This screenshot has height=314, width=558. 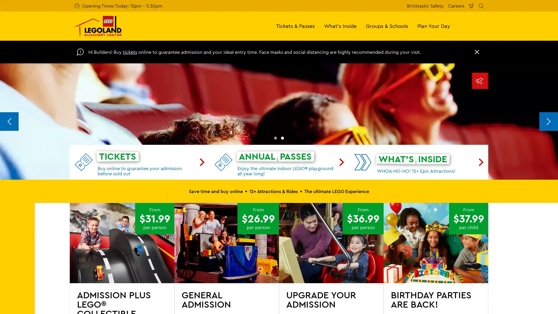 What do you see at coordinates (471, 6) in the screenshot?
I see `Shopping Cart` at bounding box center [471, 6].